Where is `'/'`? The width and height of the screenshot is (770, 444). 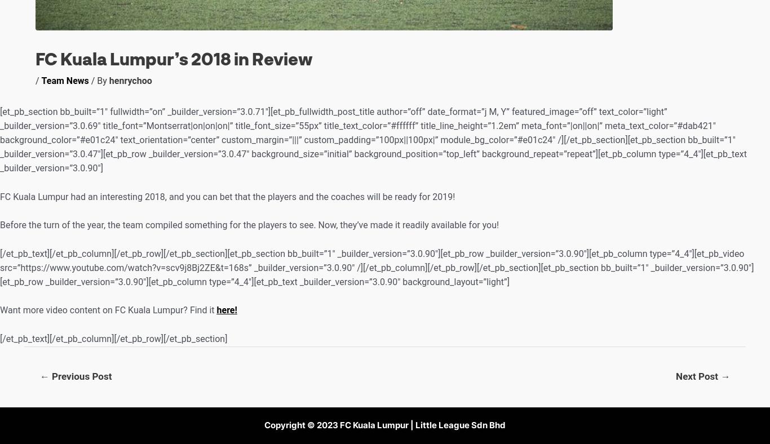 '/' is located at coordinates (38, 81).